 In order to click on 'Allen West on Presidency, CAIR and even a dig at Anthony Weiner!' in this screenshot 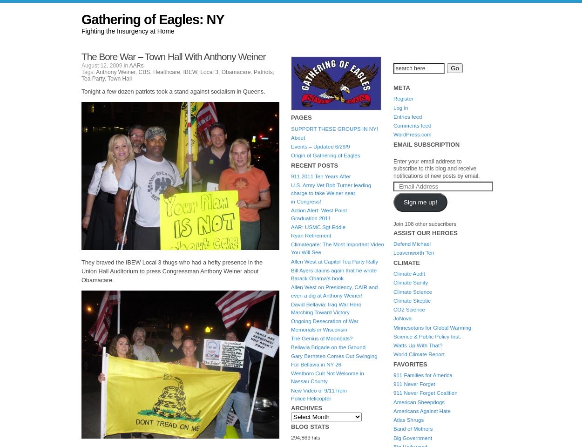, I will do `click(334, 291)`.